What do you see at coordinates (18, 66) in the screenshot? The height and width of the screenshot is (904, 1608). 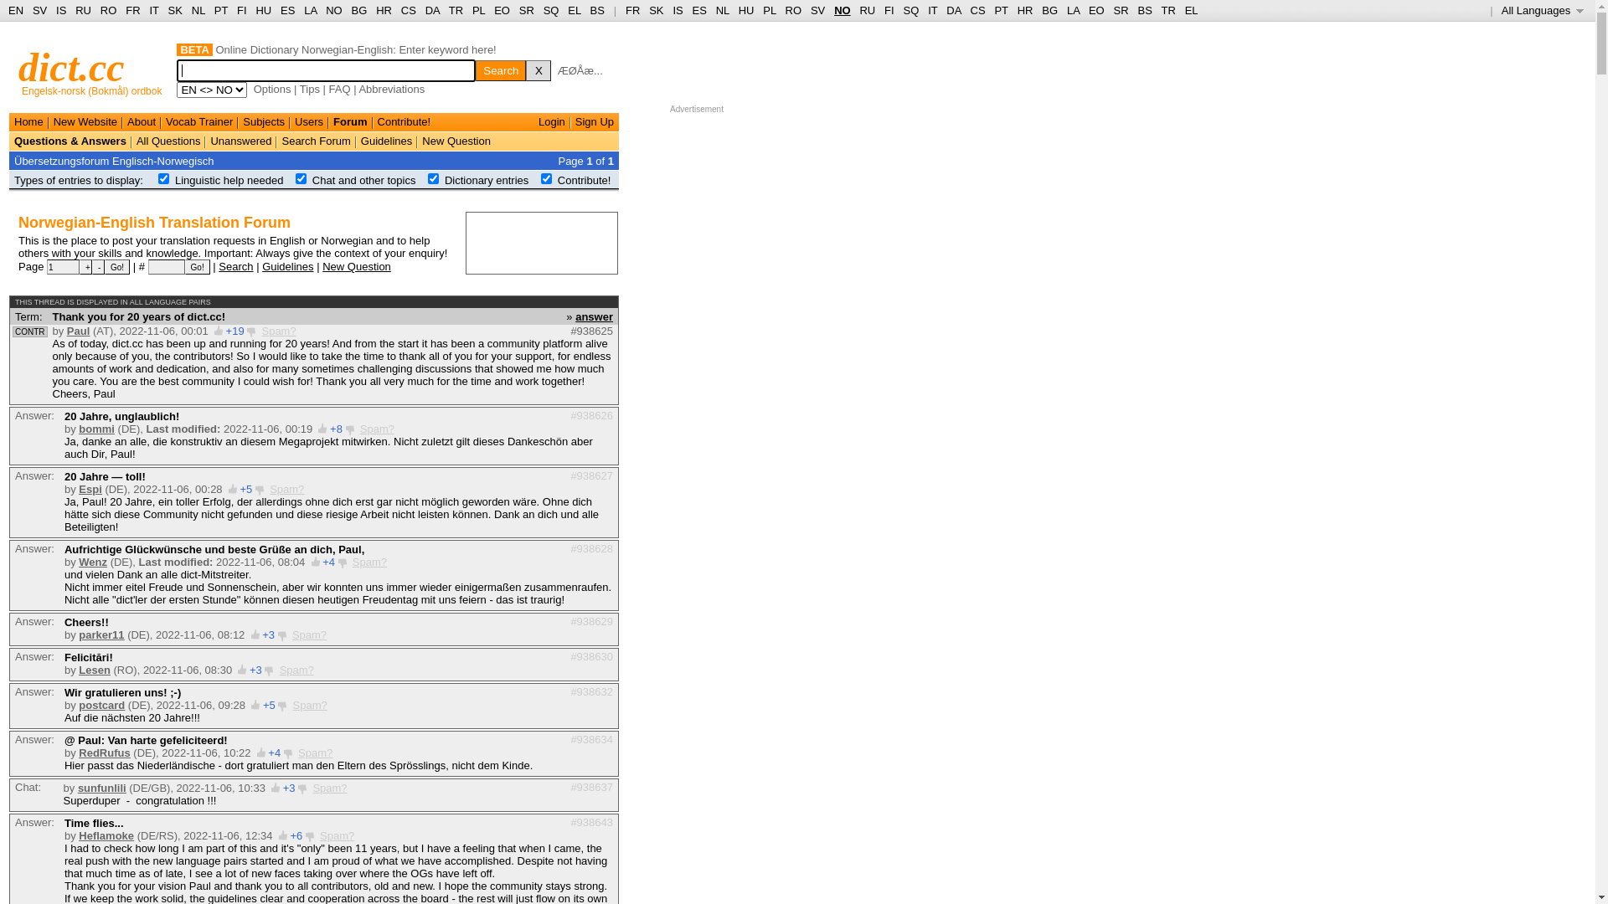 I see `'dict.cc'` at bounding box center [18, 66].